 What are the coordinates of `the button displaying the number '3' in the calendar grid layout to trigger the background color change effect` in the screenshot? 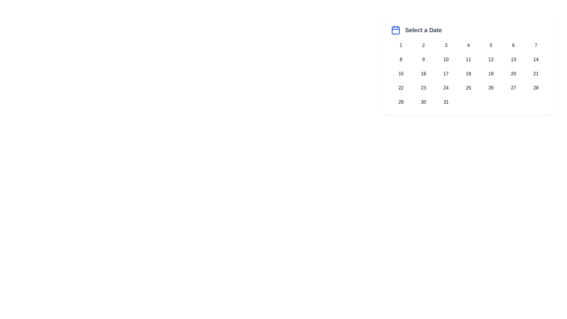 It's located at (446, 45).